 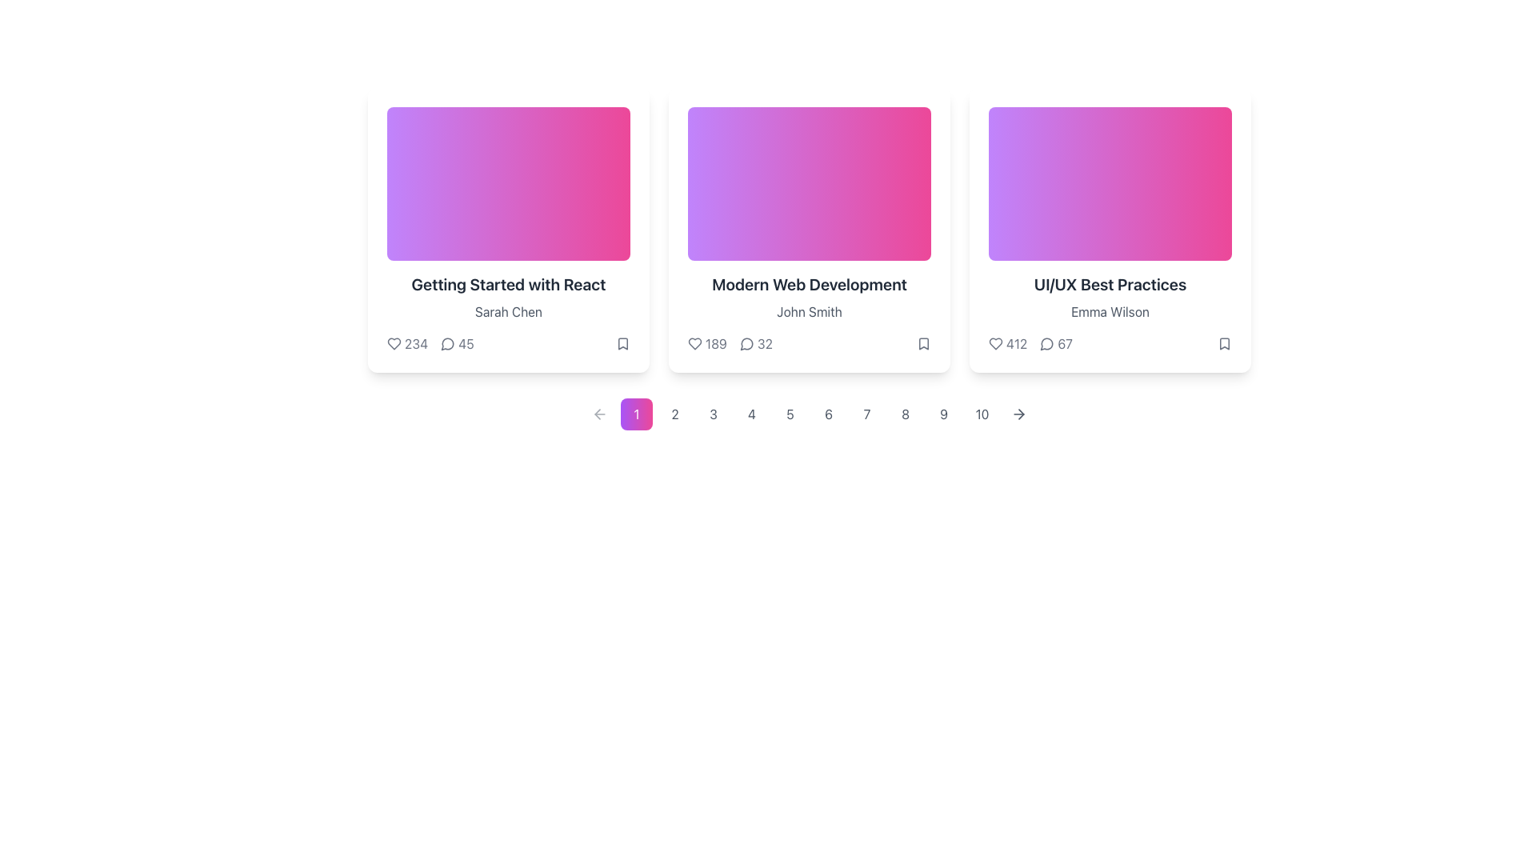 I want to click on the Decorative block at the topmost section of the card titled 'UI/UX Best Practices', located at the rightmost position in the row of cards, so click(x=1109, y=183).